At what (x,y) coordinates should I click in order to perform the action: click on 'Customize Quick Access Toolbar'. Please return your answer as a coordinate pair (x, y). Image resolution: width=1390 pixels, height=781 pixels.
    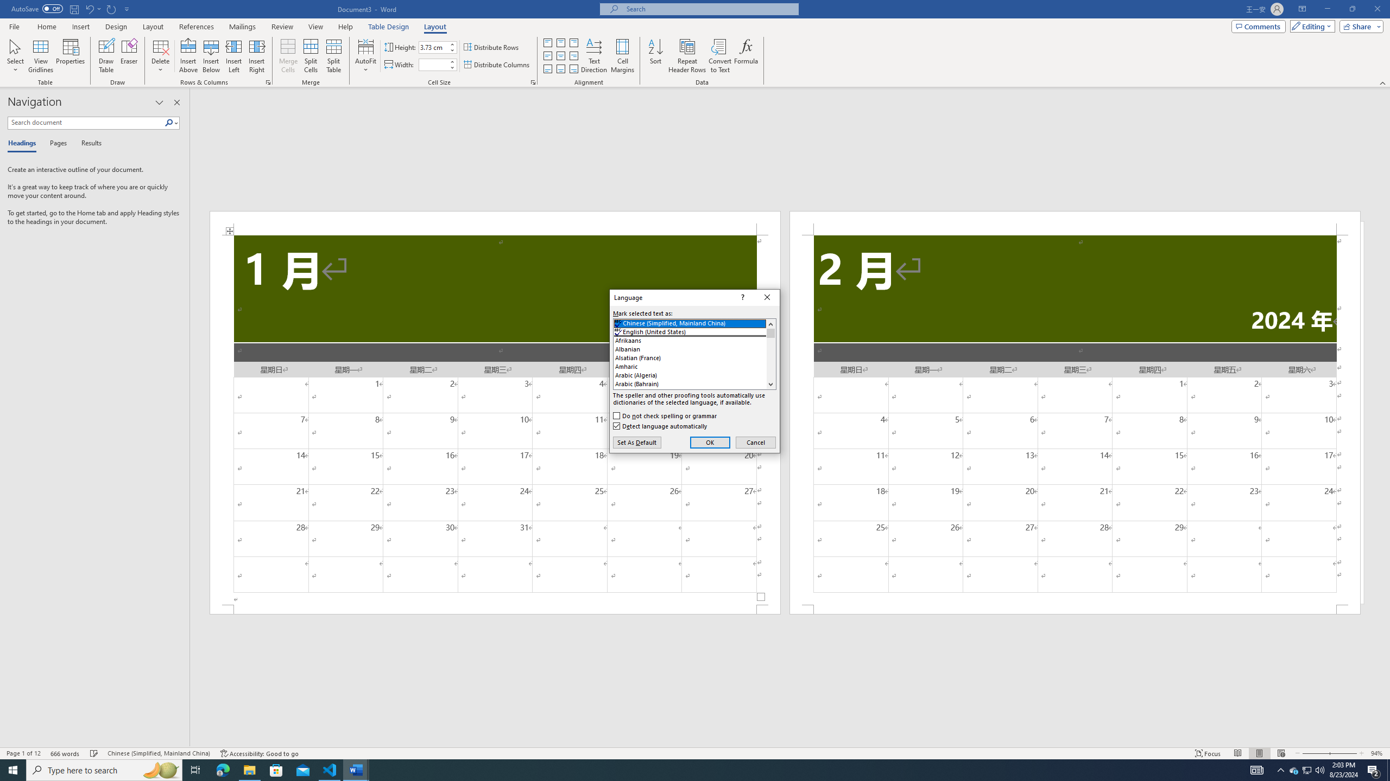
    Looking at the image, I should click on (127, 8).